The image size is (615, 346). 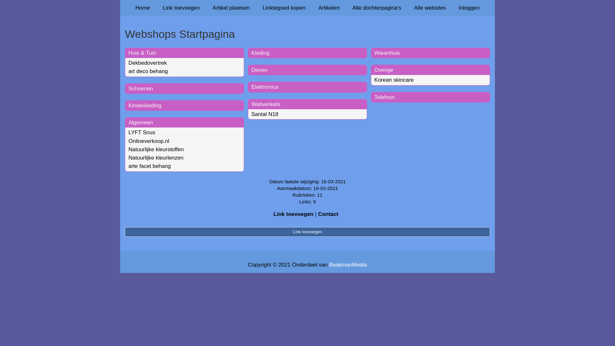 I want to click on 'Dieren', so click(x=259, y=70).